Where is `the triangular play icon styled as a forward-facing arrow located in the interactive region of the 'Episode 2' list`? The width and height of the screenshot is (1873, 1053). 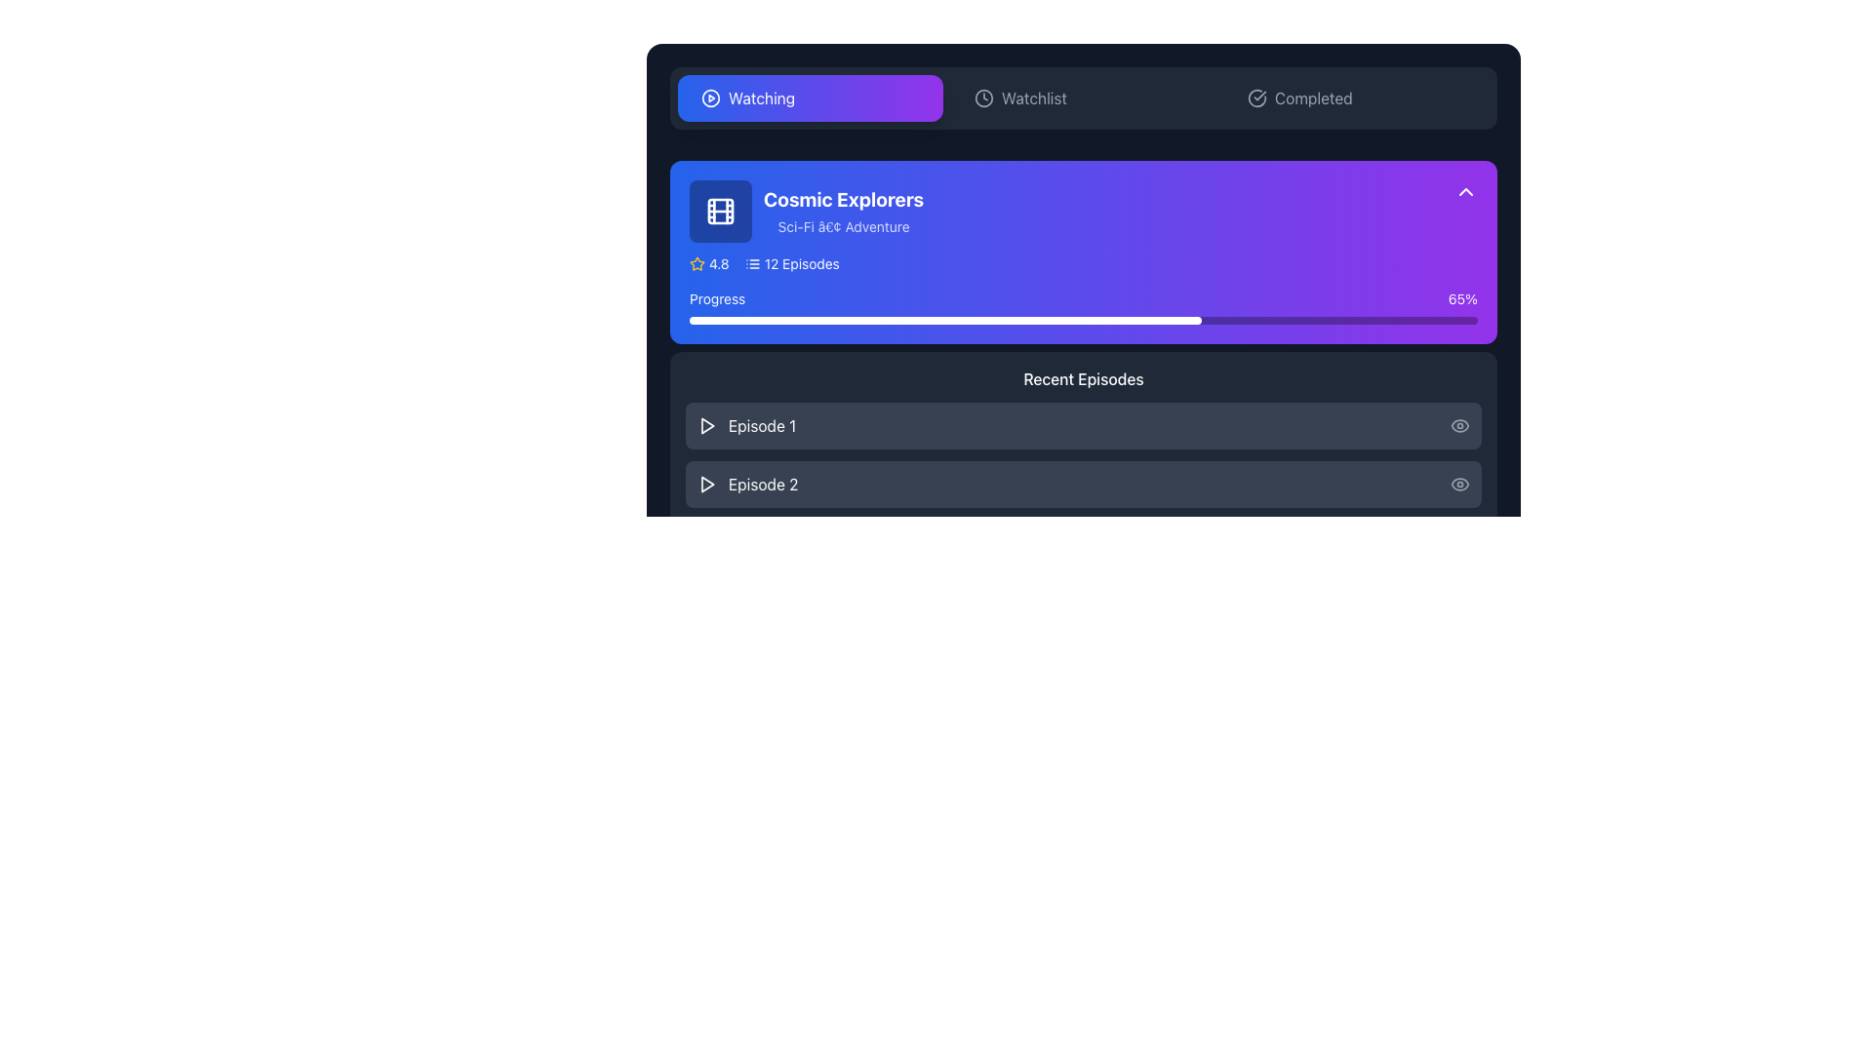 the triangular play icon styled as a forward-facing arrow located in the interactive region of the 'Episode 2' list is located at coordinates (706, 484).